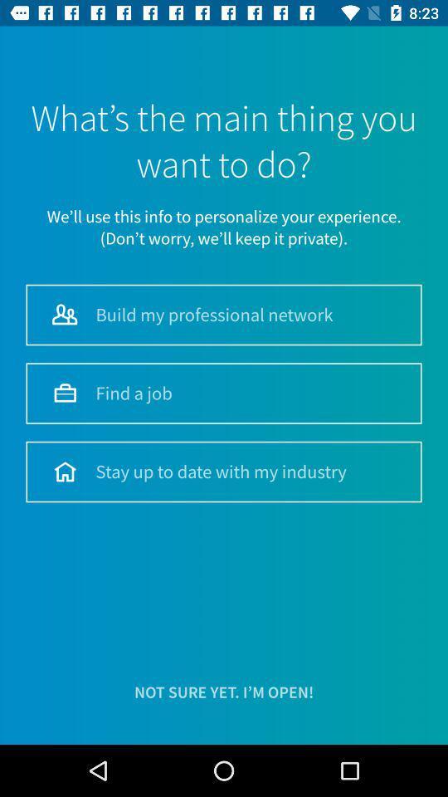 This screenshot has height=797, width=448. Describe the element at coordinates (224, 692) in the screenshot. I see `not sure yet` at that location.